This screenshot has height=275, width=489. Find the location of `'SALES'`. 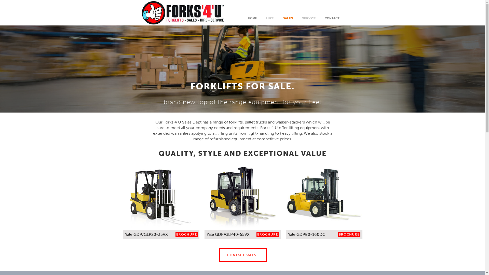

'SALES' is located at coordinates (286, 18).